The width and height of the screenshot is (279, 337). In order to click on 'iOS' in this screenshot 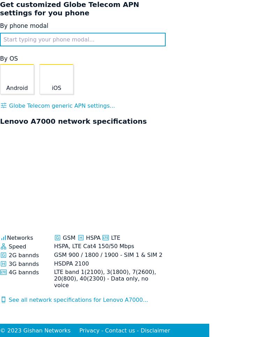, I will do `click(56, 88)`.